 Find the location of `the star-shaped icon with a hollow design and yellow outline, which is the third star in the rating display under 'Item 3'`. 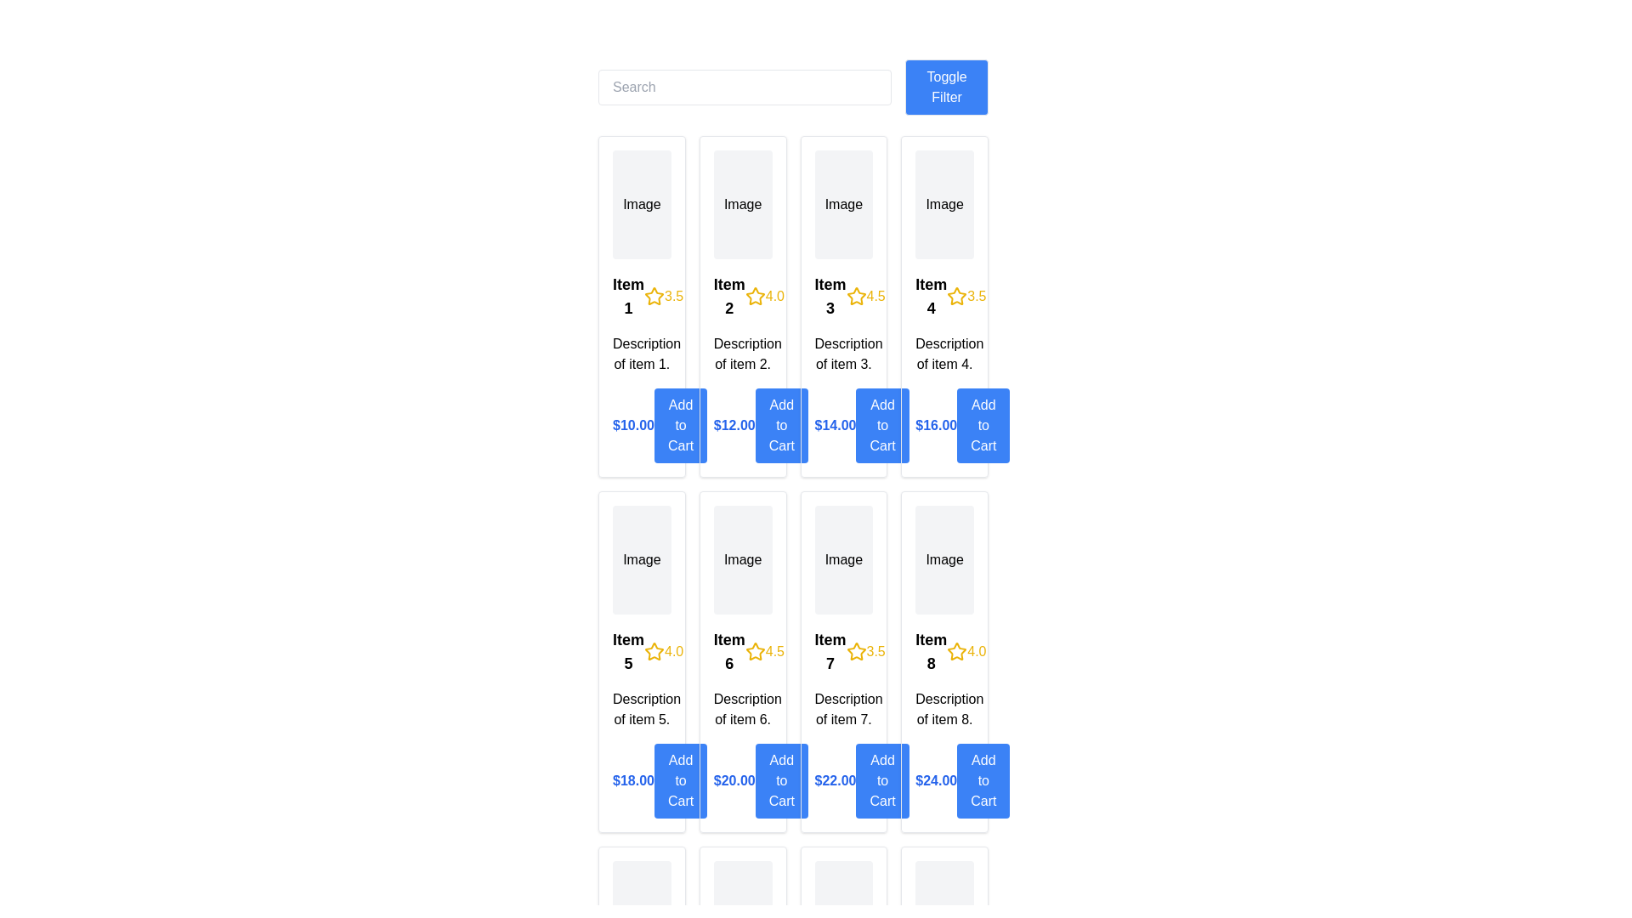

the star-shaped icon with a hollow design and yellow outline, which is the third star in the rating display under 'Item 3' is located at coordinates (856, 295).